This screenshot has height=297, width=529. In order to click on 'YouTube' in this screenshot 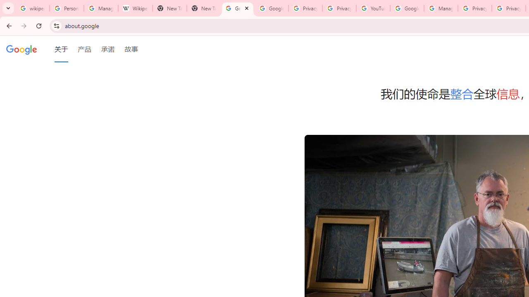, I will do `click(373, 8)`.